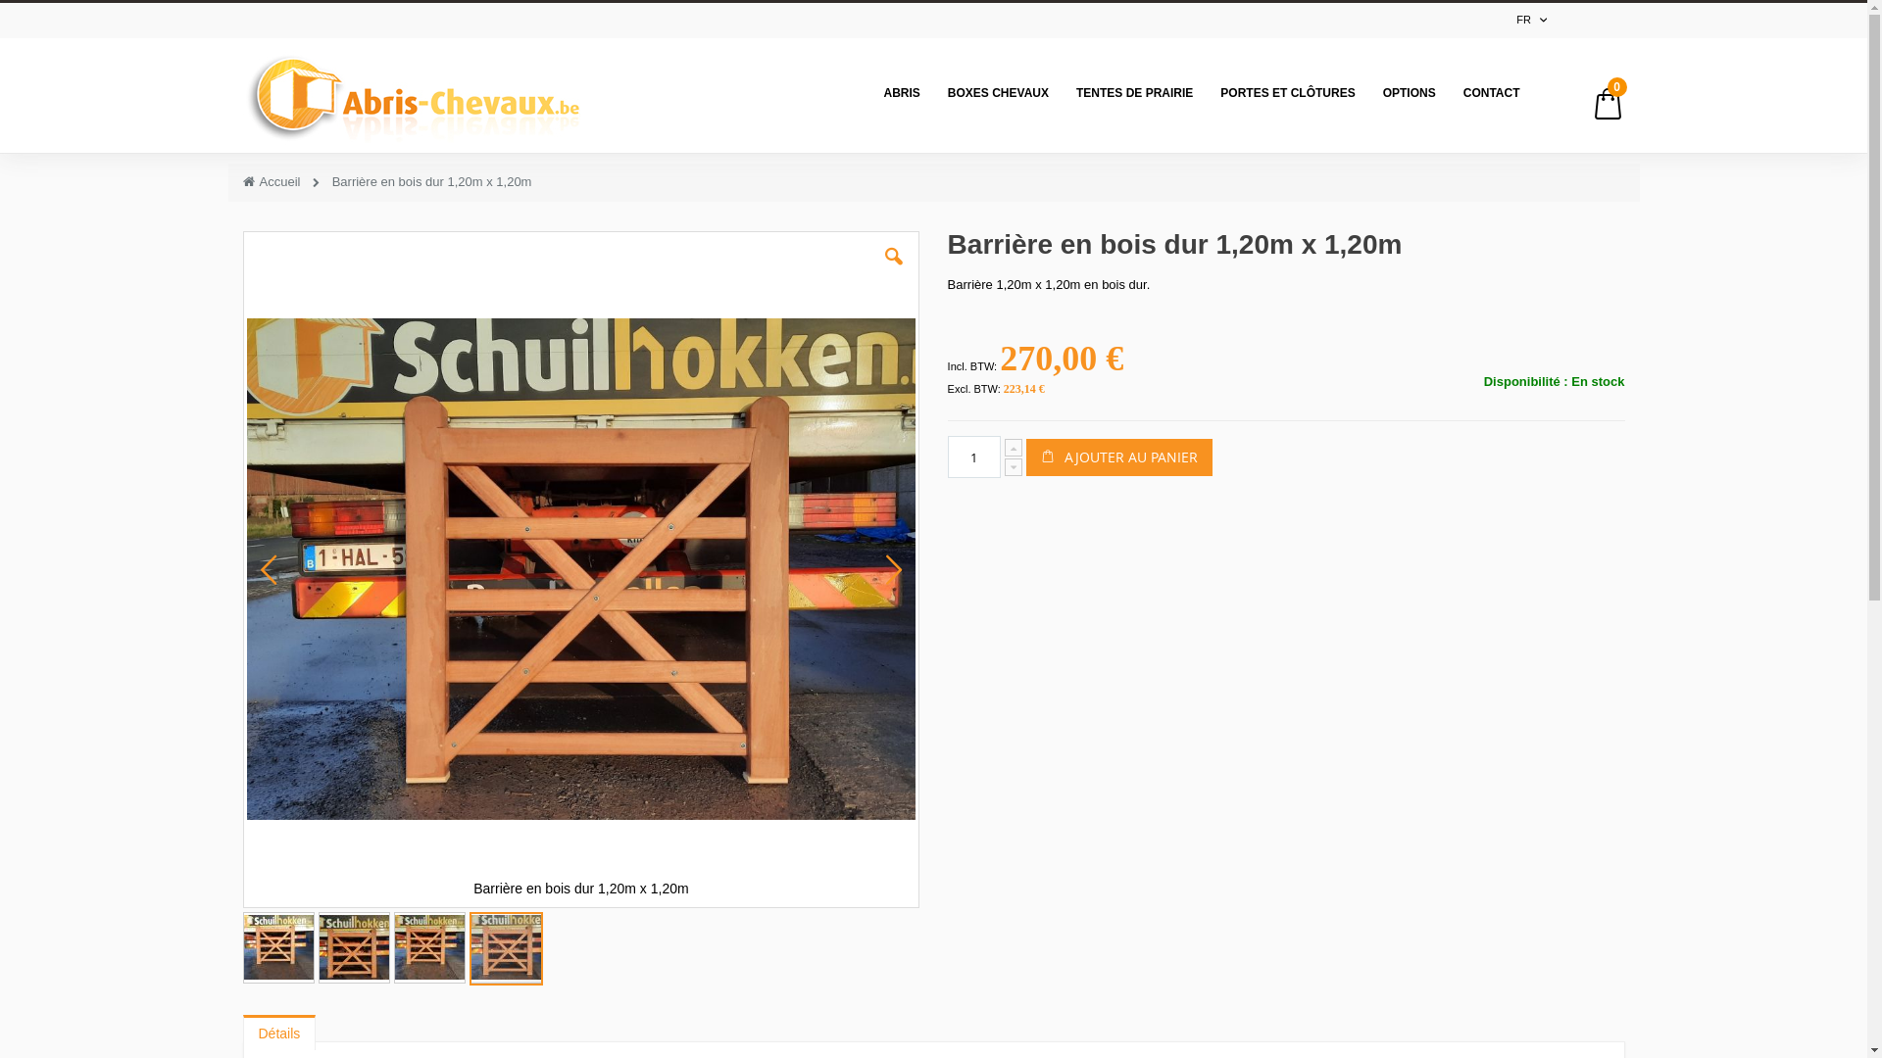  Describe the element at coordinates (901, 92) in the screenshot. I see `'ABRIS'` at that location.